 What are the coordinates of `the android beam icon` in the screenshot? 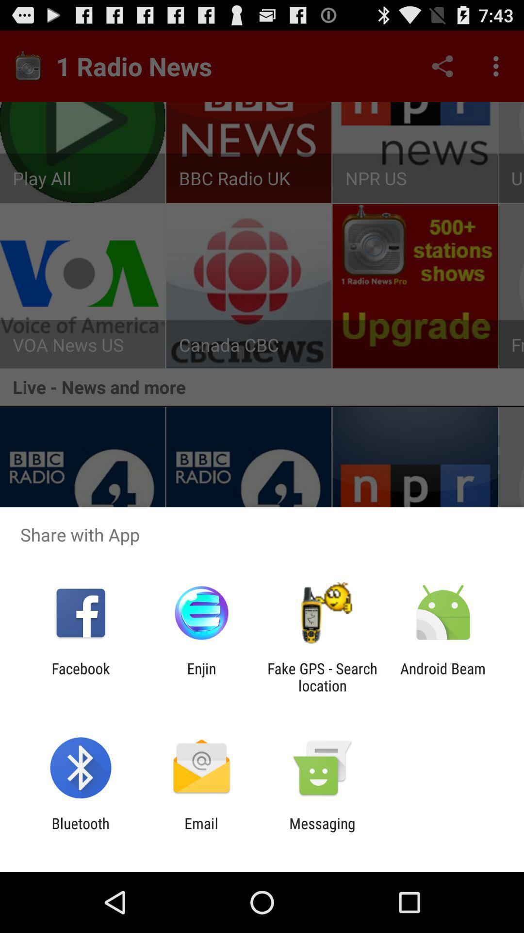 It's located at (443, 676).